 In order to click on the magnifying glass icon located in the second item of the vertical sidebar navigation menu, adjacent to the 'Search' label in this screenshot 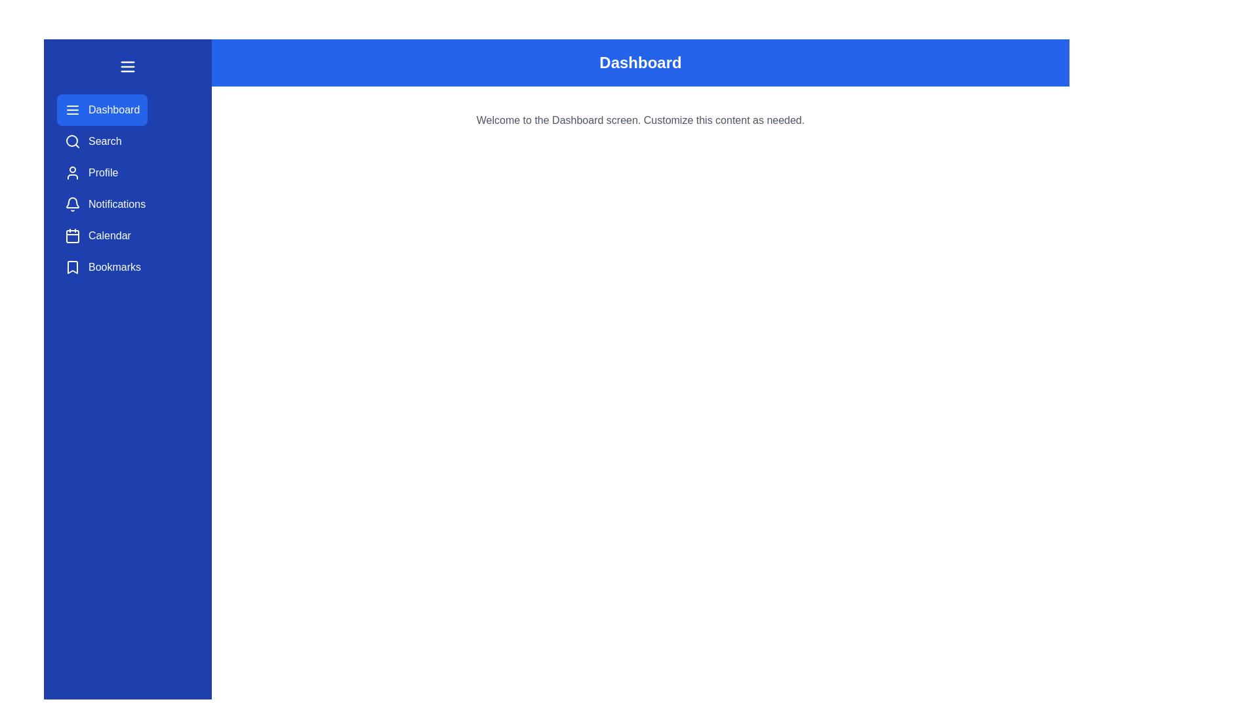, I will do `click(71, 142)`.